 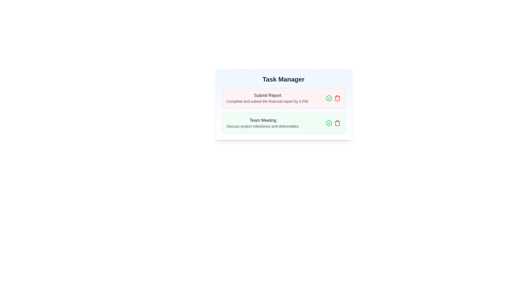 I want to click on text content of the label that says 'Discuss project milestones and deliverables.' located beneath the title 'Team Meeting' in a green-highlighted panel, so click(x=263, y=126).